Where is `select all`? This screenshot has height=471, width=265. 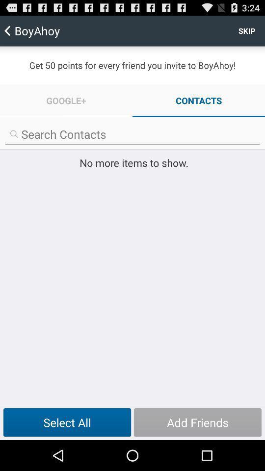 select all is located at coordinates (67, 422).